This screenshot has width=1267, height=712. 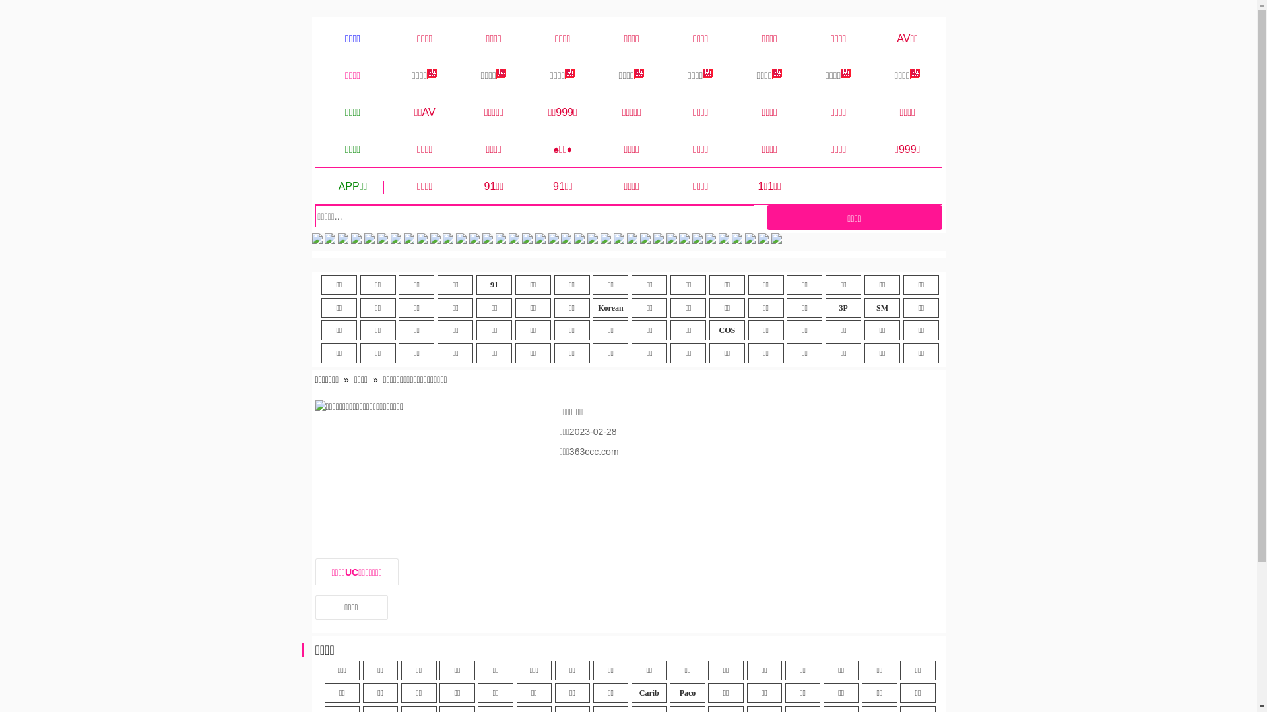 What do you see at coordinates (882, 307) in the screenshot?
I see `'SM'` at bounding box center [882, 307].